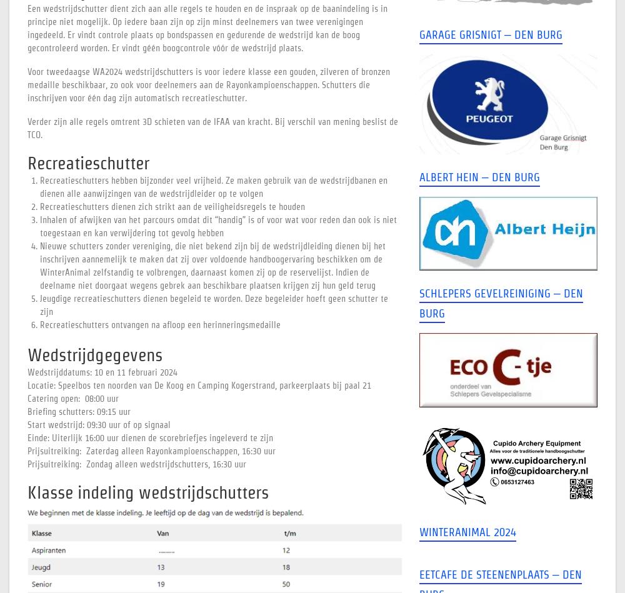  Describe the element at coordinates (199, 385) in the screenshot. I see `'Locatie: Speelbos ten noorden van De Koog en Camping Kogerstrand, parkeerplaats bij paal 21'` at that location.